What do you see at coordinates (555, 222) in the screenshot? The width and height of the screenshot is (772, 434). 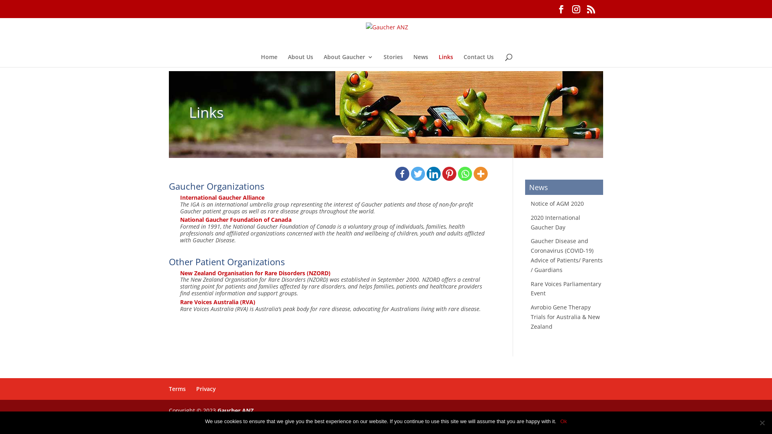 I see `'2020 International Gaucher Day'` at bounding box center [555, 222].